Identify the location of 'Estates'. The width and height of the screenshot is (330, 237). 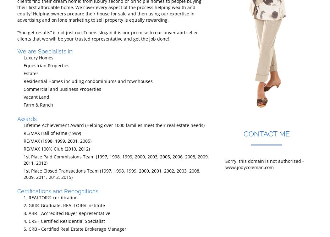
(23, 73).